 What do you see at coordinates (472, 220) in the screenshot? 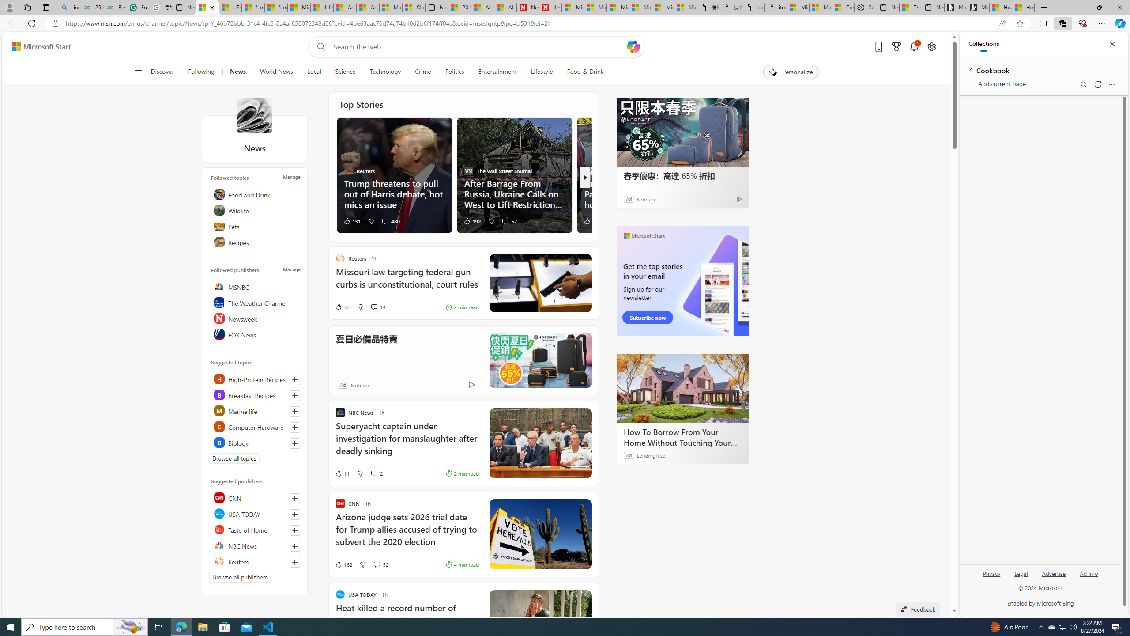
I see `'192 Like'` at bounding box center [472, 220].